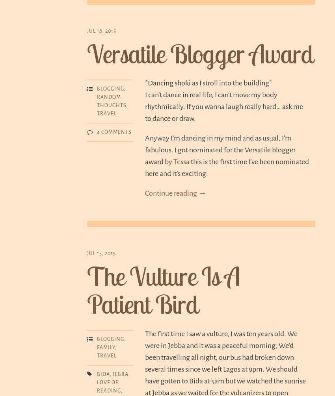 The width and height of the screenshot is (335, 396). What do you see at coordinates (208, 83) in the screenshot?
I see `'*Dancing shoki as I stroll into the building*'` at bounding box center [208, 83].